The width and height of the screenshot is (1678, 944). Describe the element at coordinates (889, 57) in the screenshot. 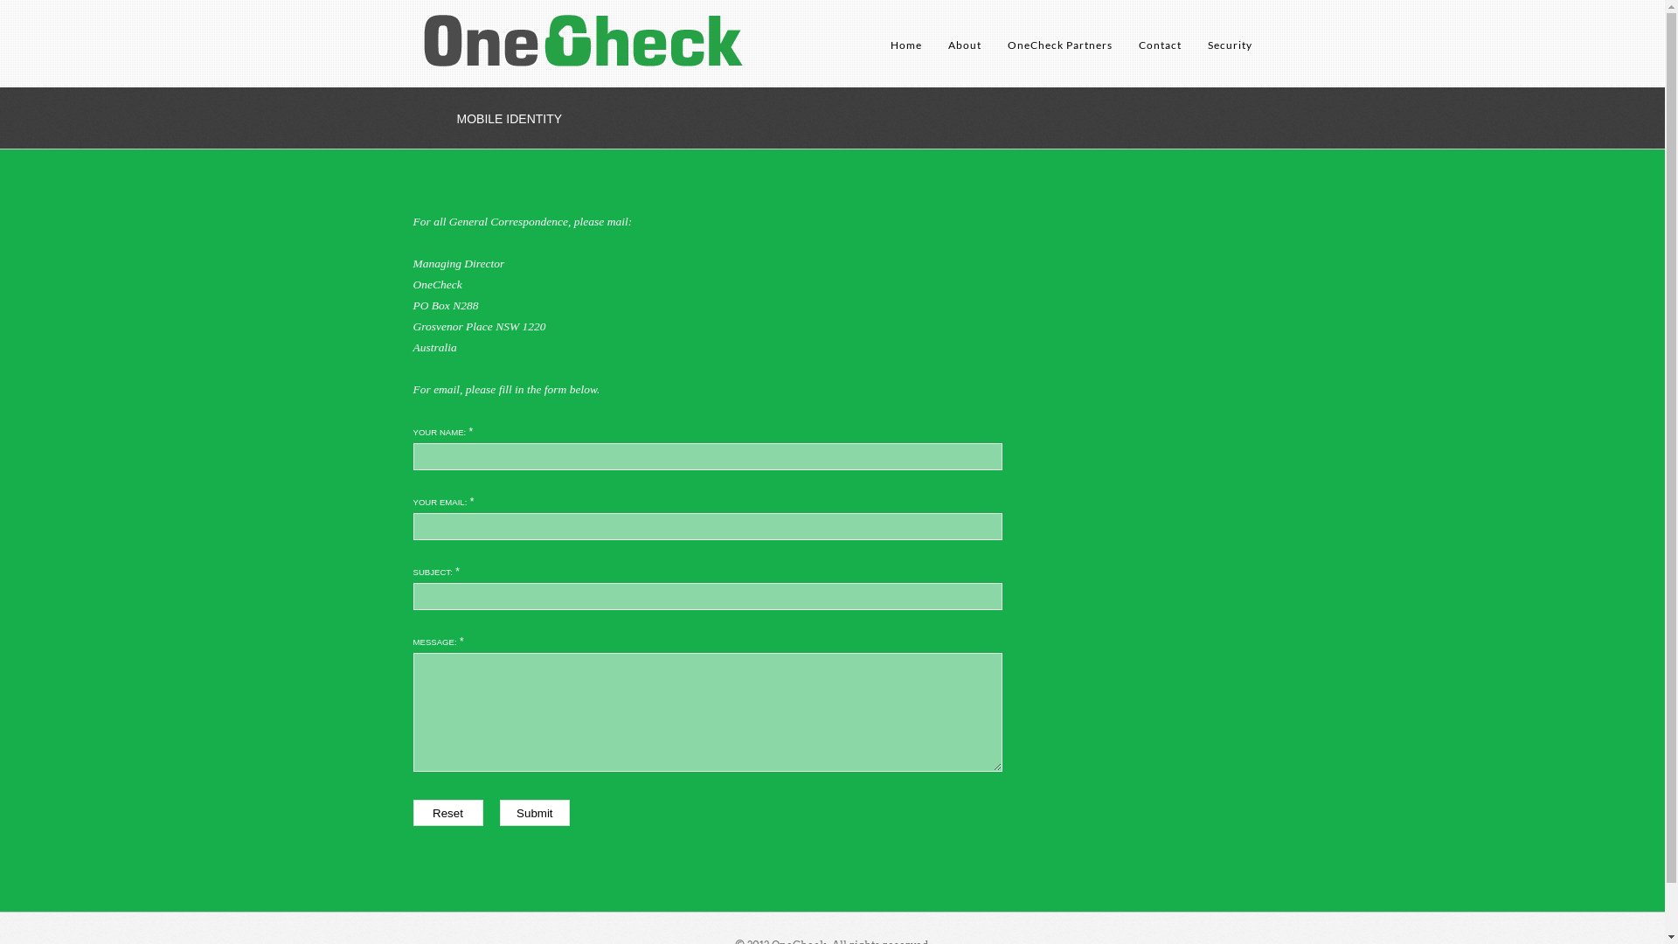

I see `'Home'` at that location.